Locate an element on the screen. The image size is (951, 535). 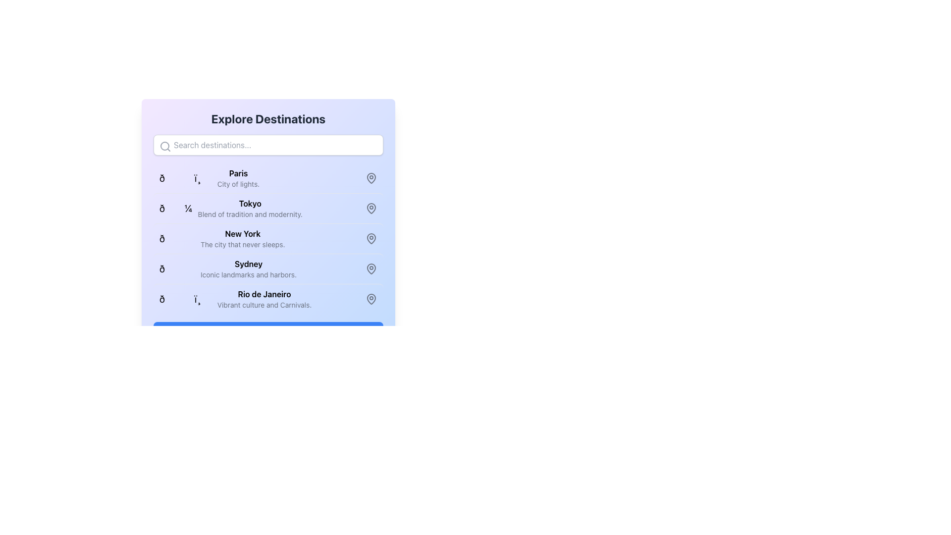
the appearance of the pin-like icon representing a map marker, located next to the 'New York' text in the list of destinations is located at coordinates (370, 238).